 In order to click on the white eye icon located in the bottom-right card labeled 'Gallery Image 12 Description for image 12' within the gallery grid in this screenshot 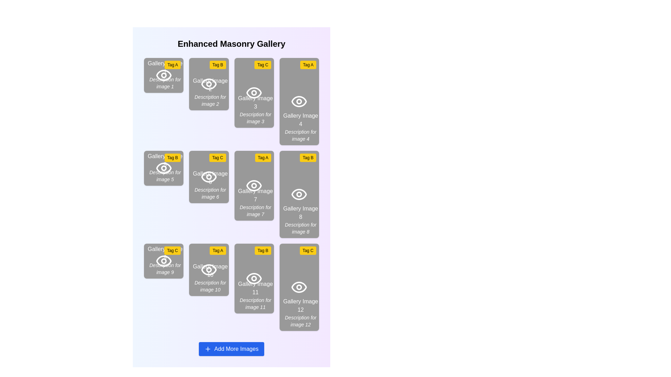, I will do `click(299, 287)`.